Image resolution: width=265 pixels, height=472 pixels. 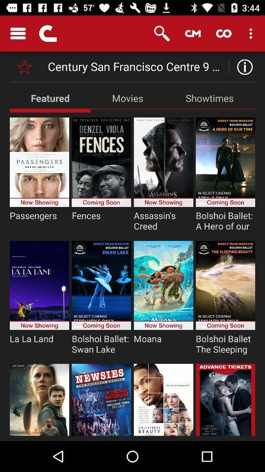 What do you see at coordinates (241, 66) in the screenshot?
I see `more information about the theater` at bounding box center [241, 66].